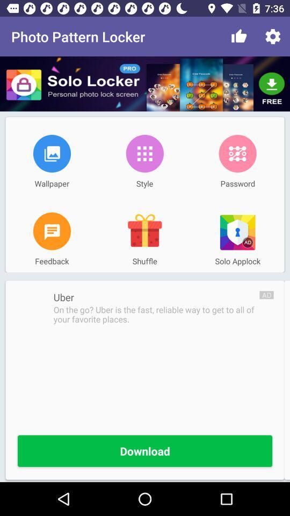 The image size is (290, 516). I want to click on item next to password icon, so click(144, 153).